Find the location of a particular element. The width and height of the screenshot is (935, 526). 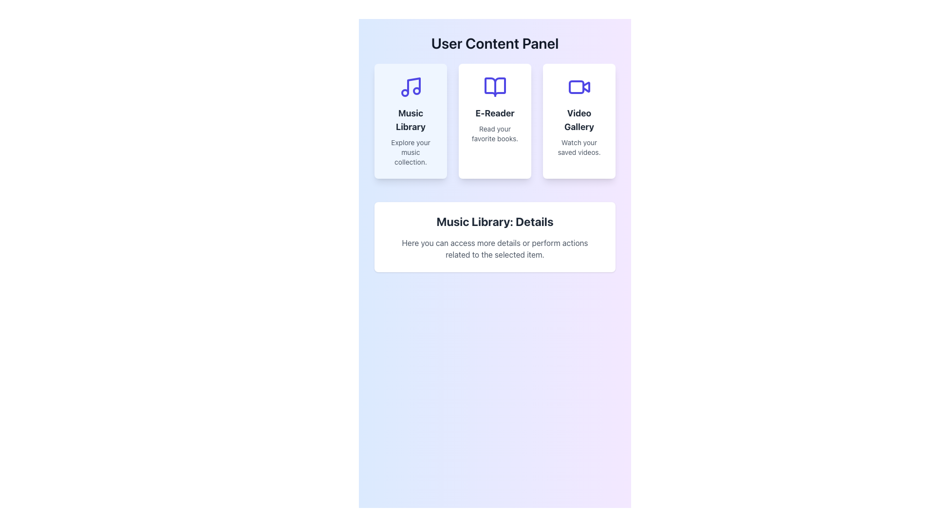

the text label displaying 'E-Reader' in bold and centered style, located in the middle card at the top of the interface, between 'Music Library' and 'Video Gallery' is located at coordinates (495, 113).